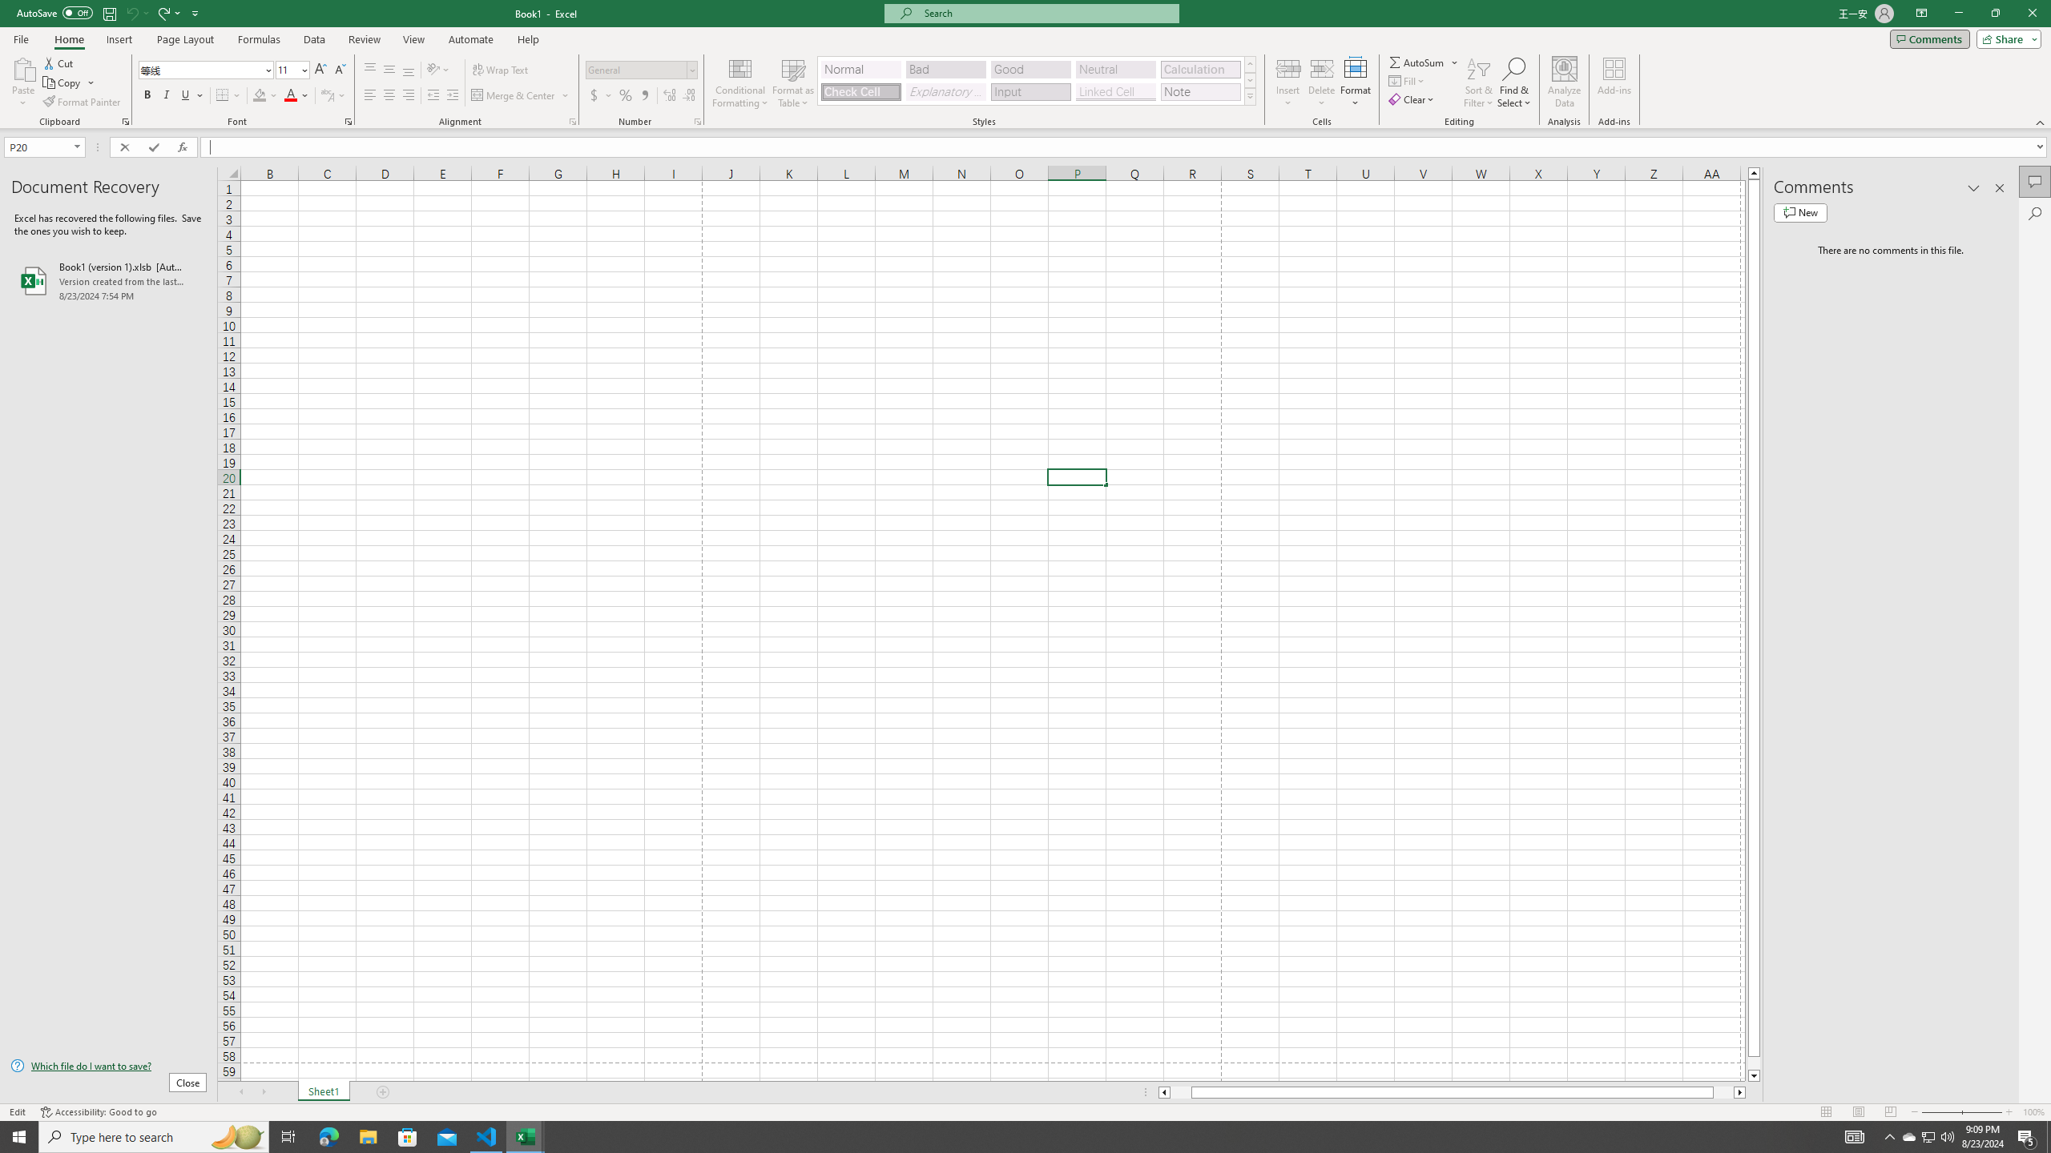  Describe the element at coordinates (385, 1091) in the screenshot. I see `'Add Sheet'` at that location.